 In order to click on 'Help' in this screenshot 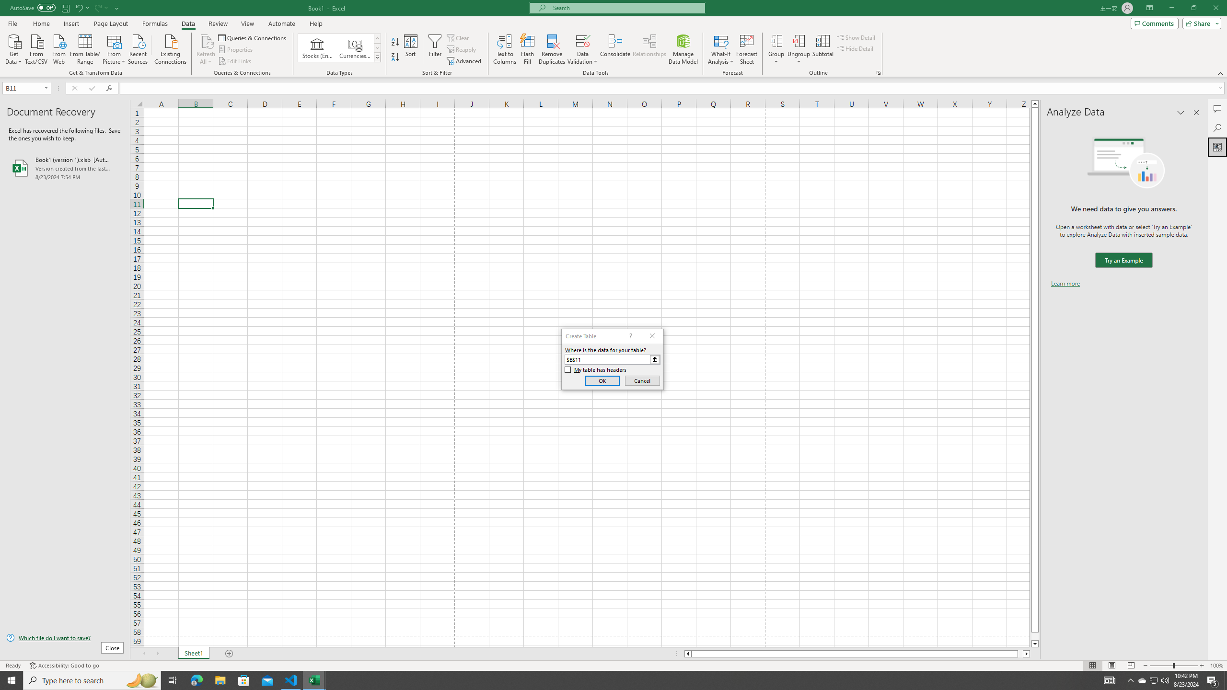, I will do `click(316, 23)`.